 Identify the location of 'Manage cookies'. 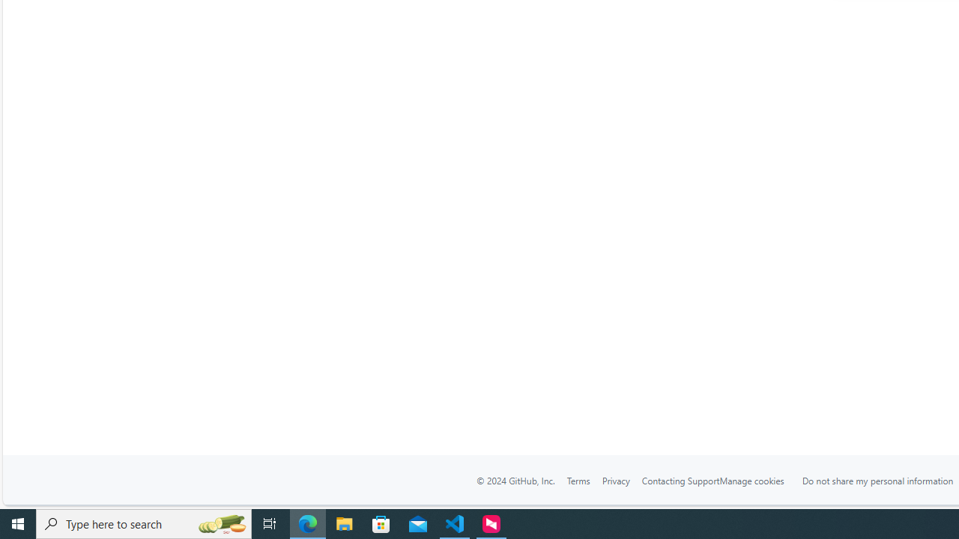
(751, 480).